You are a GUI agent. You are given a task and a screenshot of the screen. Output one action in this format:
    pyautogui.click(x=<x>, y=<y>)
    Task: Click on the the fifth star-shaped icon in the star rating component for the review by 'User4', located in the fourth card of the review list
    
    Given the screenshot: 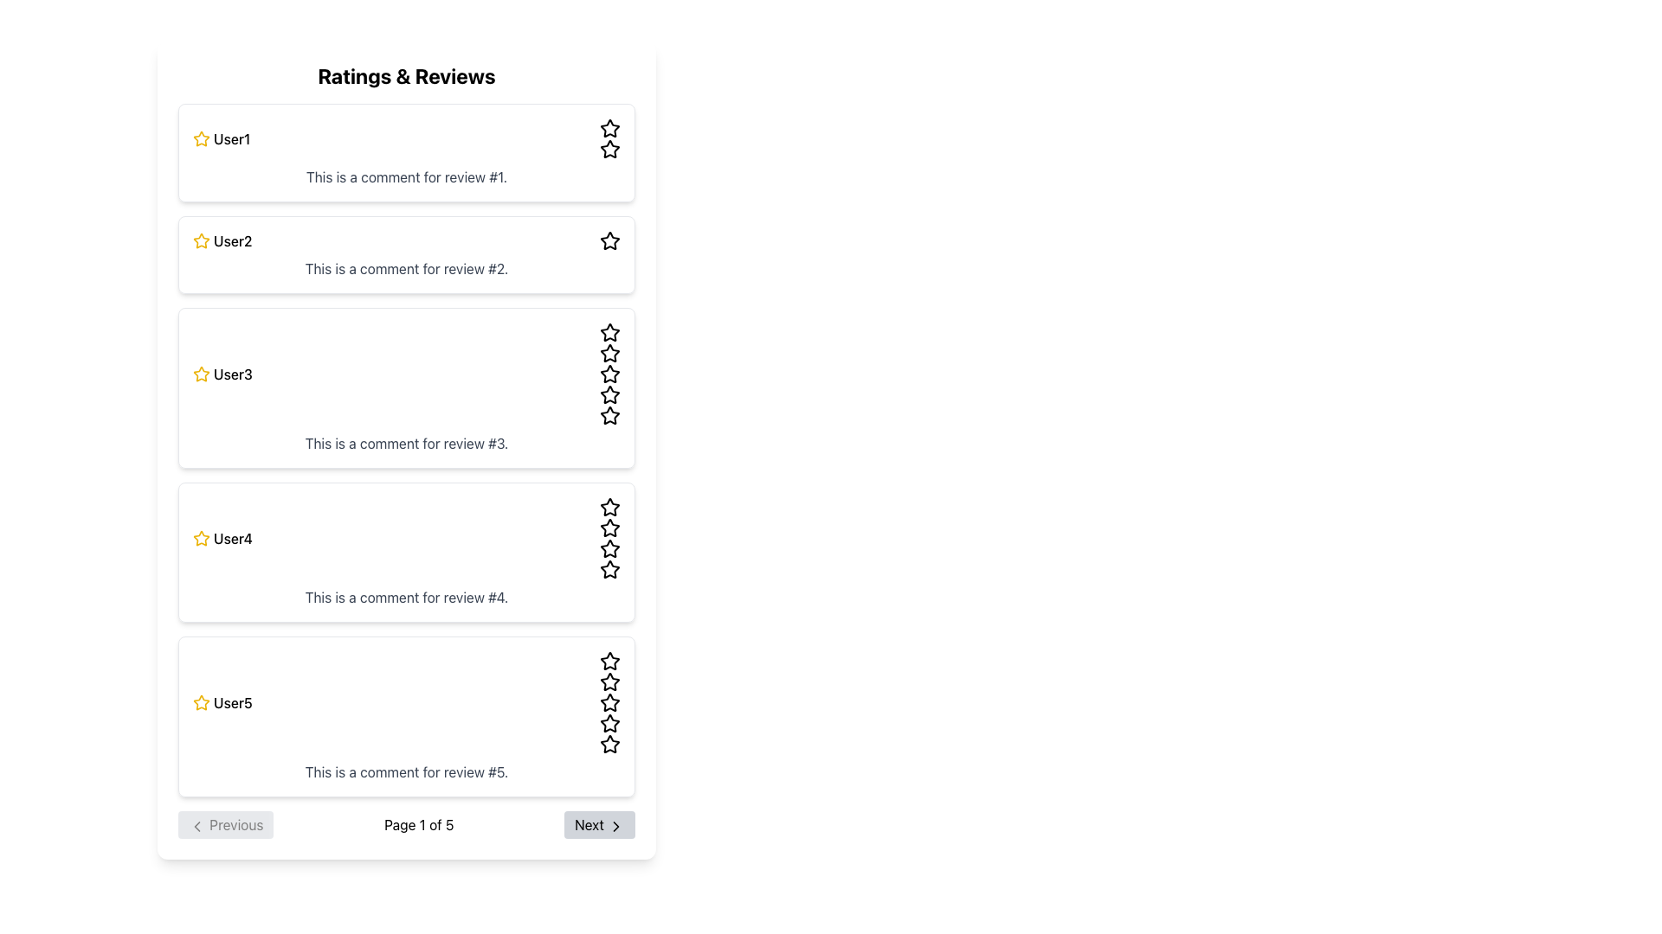 What is the action you would take?
    pyautogui.click(x=610, y=570)
    